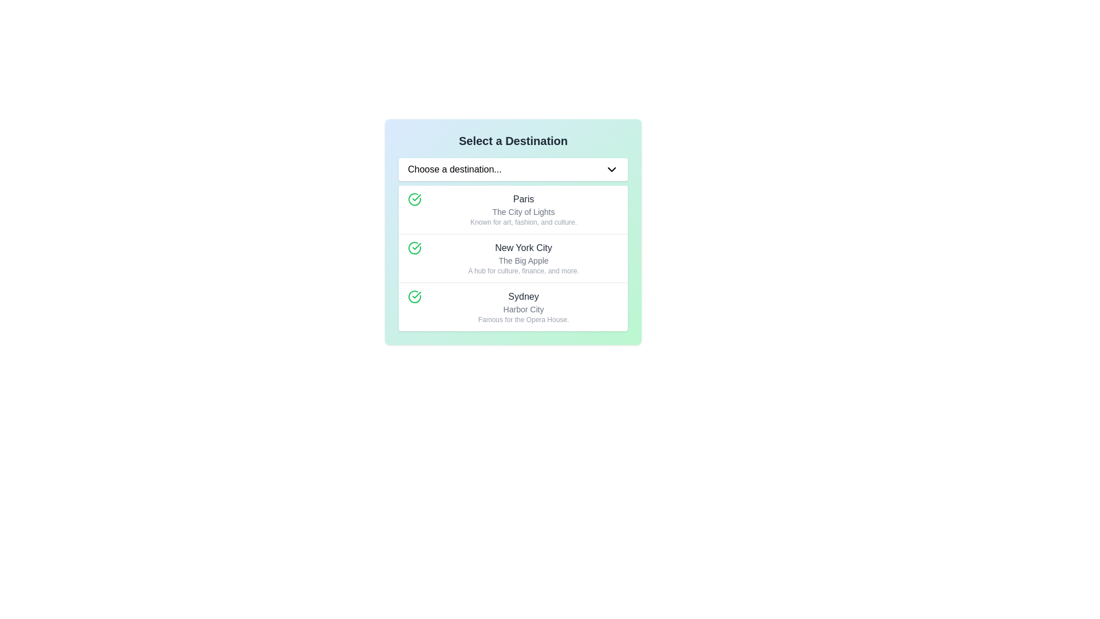  What do you see at coordinates (454, 170) in the screenshot?
I see `the text label that serves as a placeholder for selecting a destination in the dropdown menu, positioned at the top of the panel and aligned to the left side` at bounding box center [454, 170].